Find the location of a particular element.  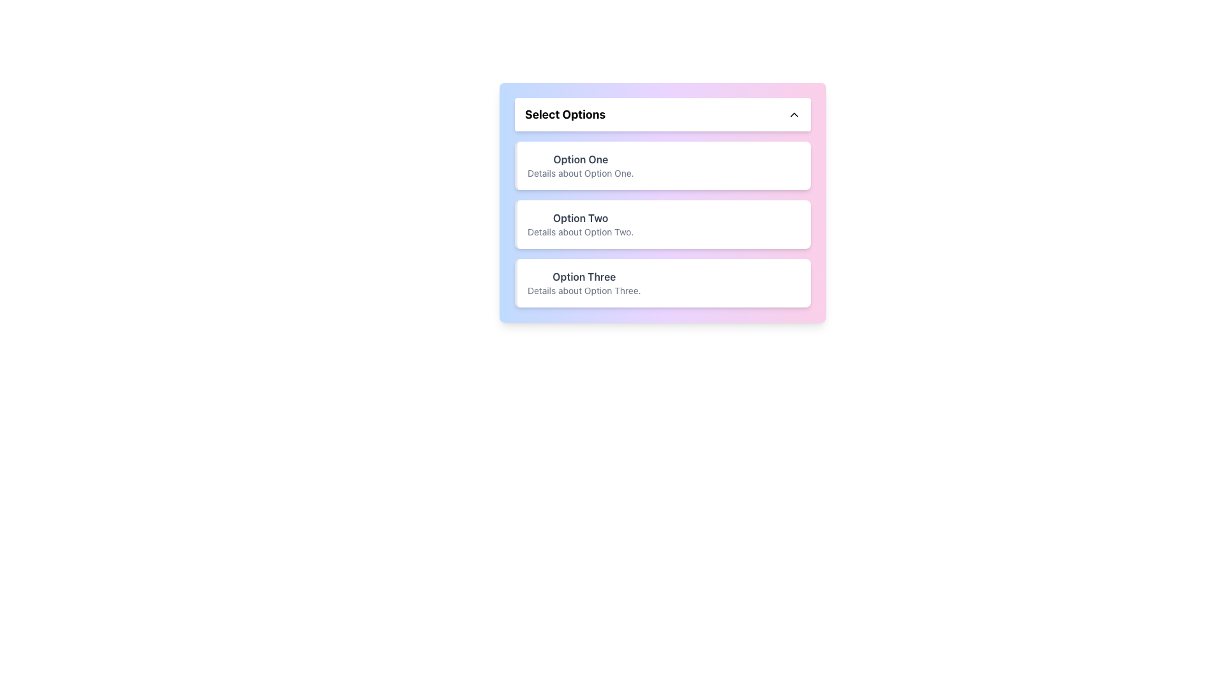

the second item in a vertically-stacked list of options, which highlights 'Option Two' as the user's choice is located at coordinates (580, 223).